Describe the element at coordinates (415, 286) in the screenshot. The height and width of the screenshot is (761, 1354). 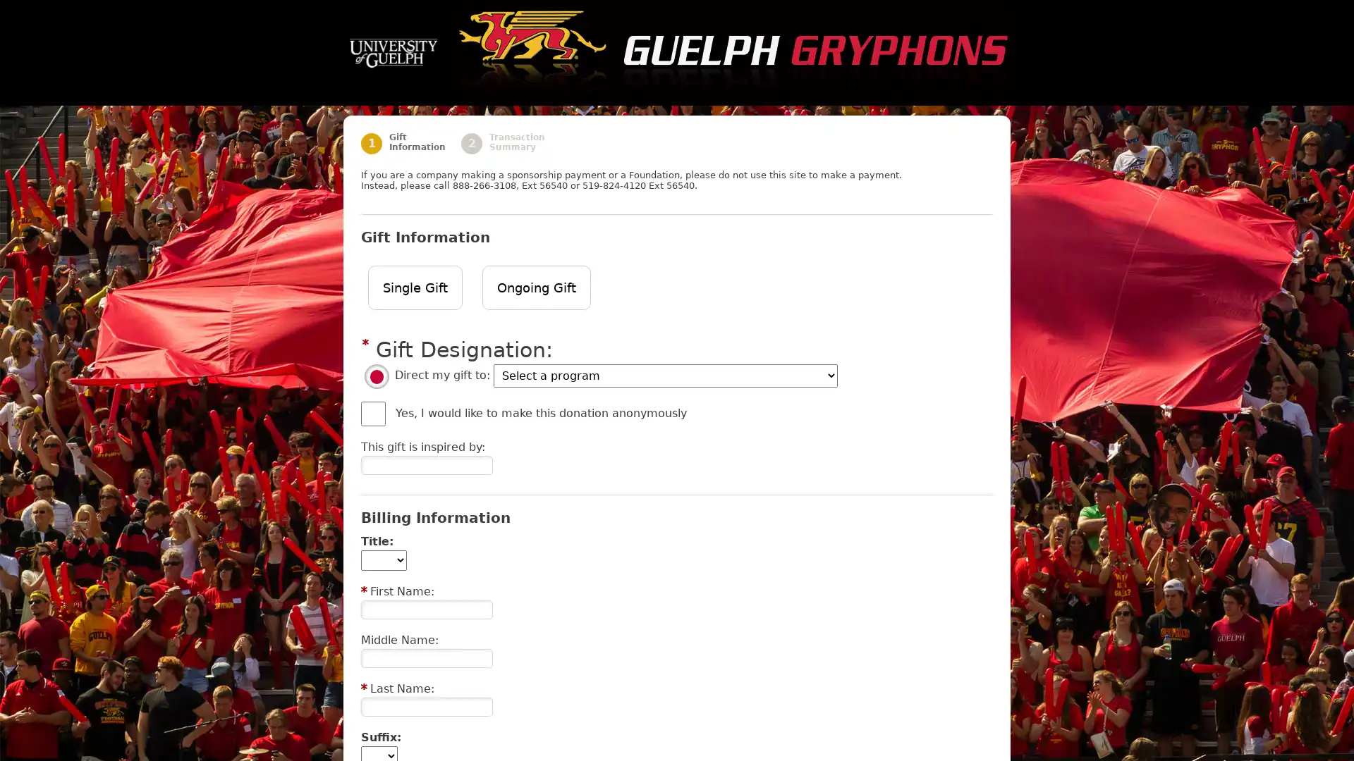
I see `Single Gift` at that location.